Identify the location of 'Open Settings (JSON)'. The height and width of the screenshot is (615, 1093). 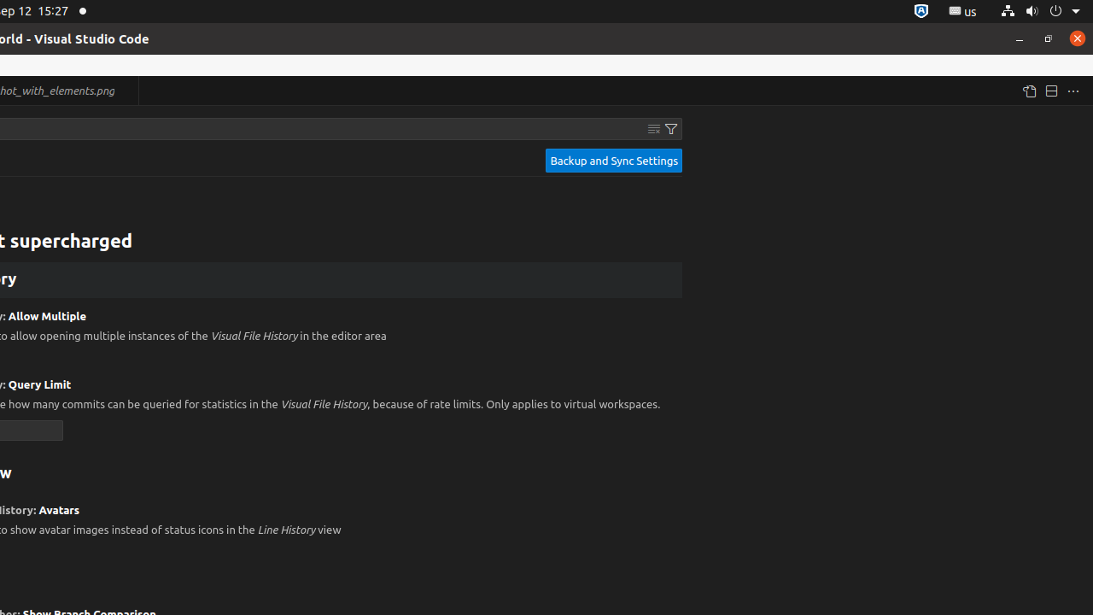
(1027, 91).